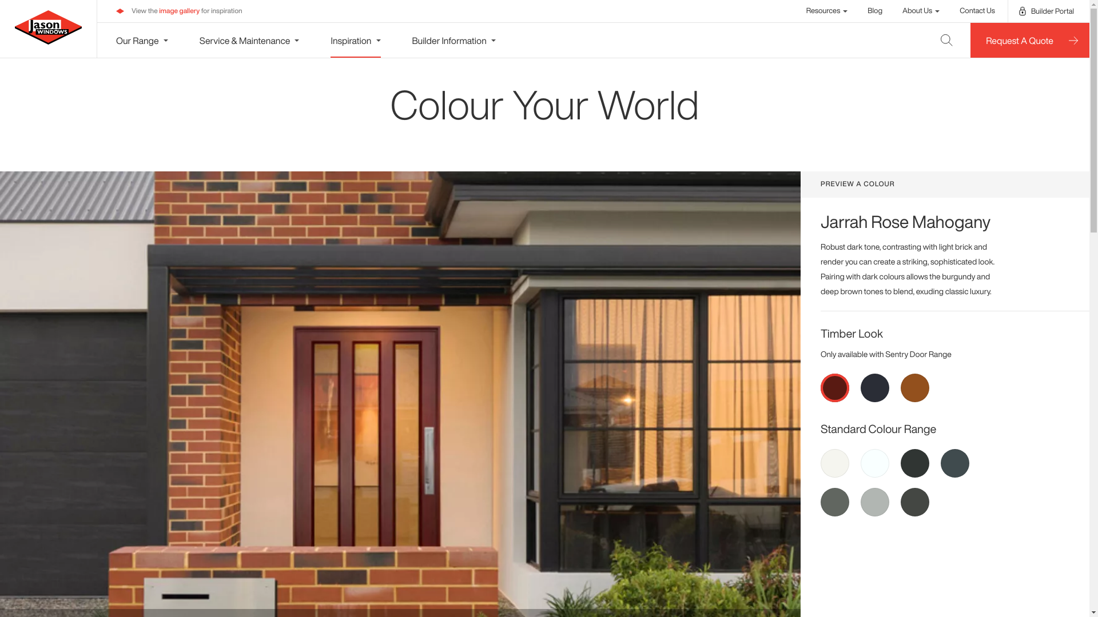  I want to click on 'Request A Quote', so click(1029, 39).